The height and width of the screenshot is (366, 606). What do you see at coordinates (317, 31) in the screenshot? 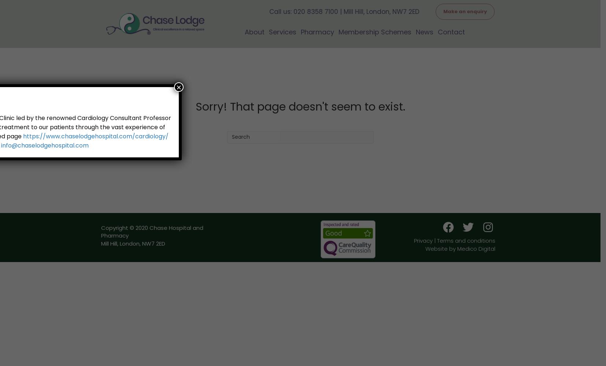
I see `'Pharmacy'` at bounding box center [317, 31].